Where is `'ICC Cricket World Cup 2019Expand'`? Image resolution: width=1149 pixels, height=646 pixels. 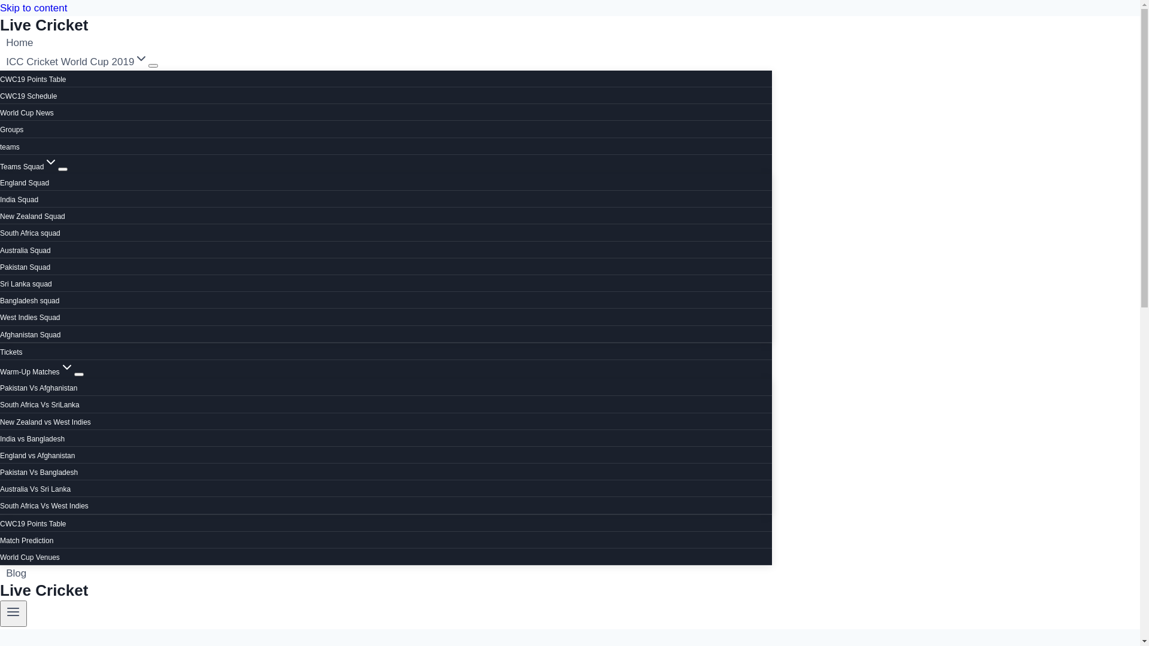
'ICC Cricket World Cup 2019Expand' is located at coordinates (77, 62).